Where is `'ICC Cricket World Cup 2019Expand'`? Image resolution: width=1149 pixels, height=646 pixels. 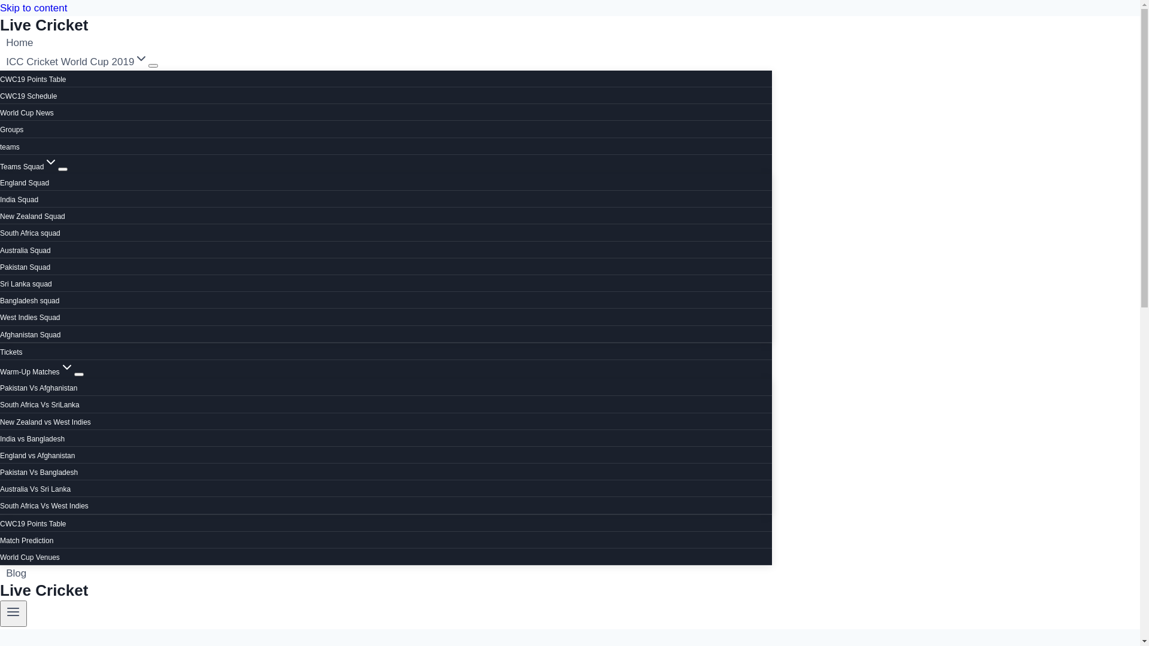
'ICC Cricket World Cup 2019Expand' is located at coordinates (77, 62).